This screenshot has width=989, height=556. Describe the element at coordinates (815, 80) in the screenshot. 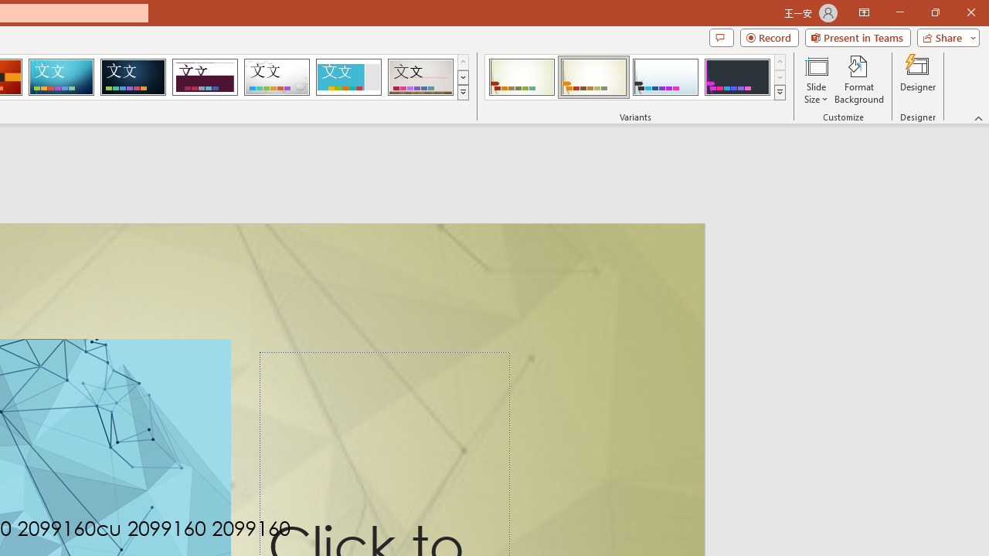

I see `'Slide Size'` at that location.